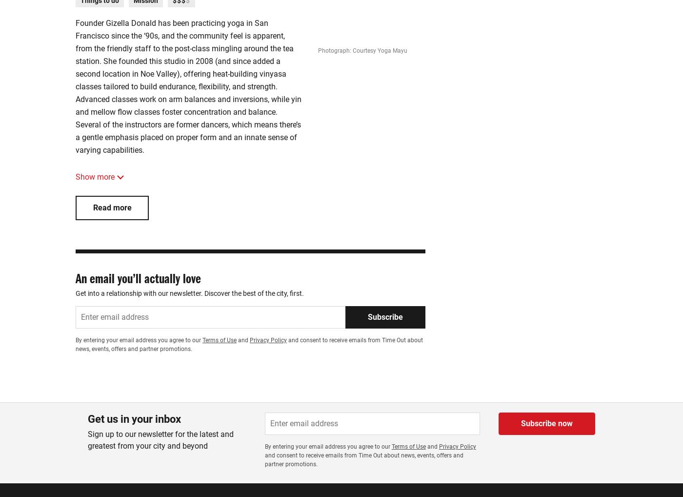 This screenshot has width=683, height=497. Describe the element at coordinates (362, 50) in the screenshot. I see `'Photograph: Courtesy Yoga Mayu'` at that location.